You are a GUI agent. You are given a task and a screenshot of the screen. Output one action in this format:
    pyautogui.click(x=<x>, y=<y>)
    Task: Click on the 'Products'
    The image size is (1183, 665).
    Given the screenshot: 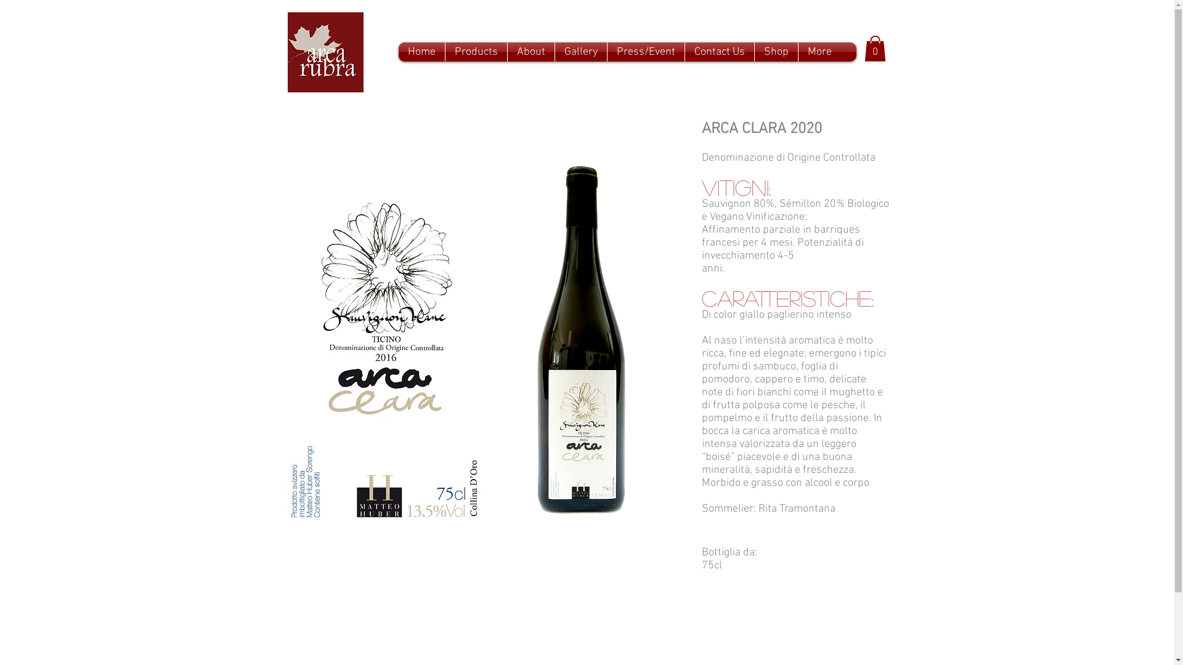 What is the action you would take?
    pyautogui.click(x=475, y=51)
    